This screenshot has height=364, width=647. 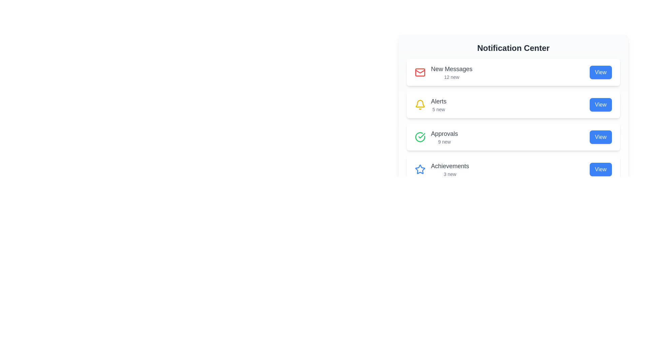 What do you see at coordinates (421, 135) in the screenshot?
I see `the SVG graphic element representing an approval state in the 'Approvals' notification item, located to the left of the text '9 new'` at bounding box center [421, 135].